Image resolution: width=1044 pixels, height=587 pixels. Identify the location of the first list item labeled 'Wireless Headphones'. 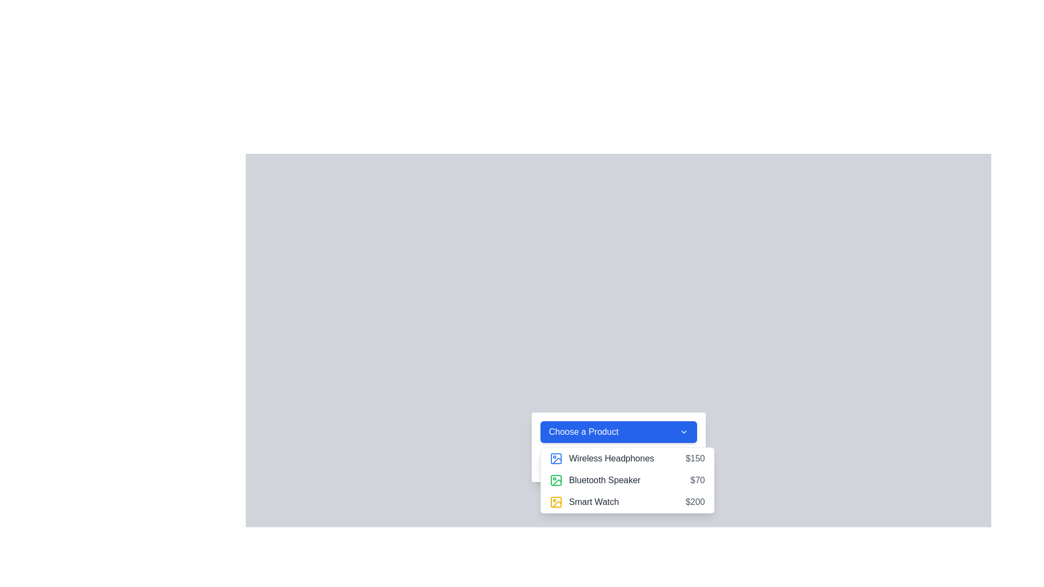
(627, 459).